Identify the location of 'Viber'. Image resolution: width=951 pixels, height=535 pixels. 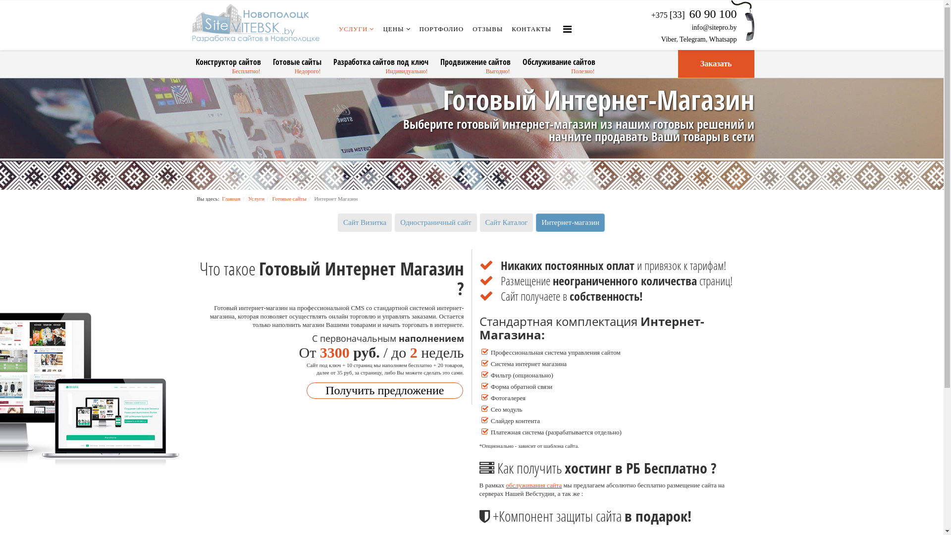
(668, 39).